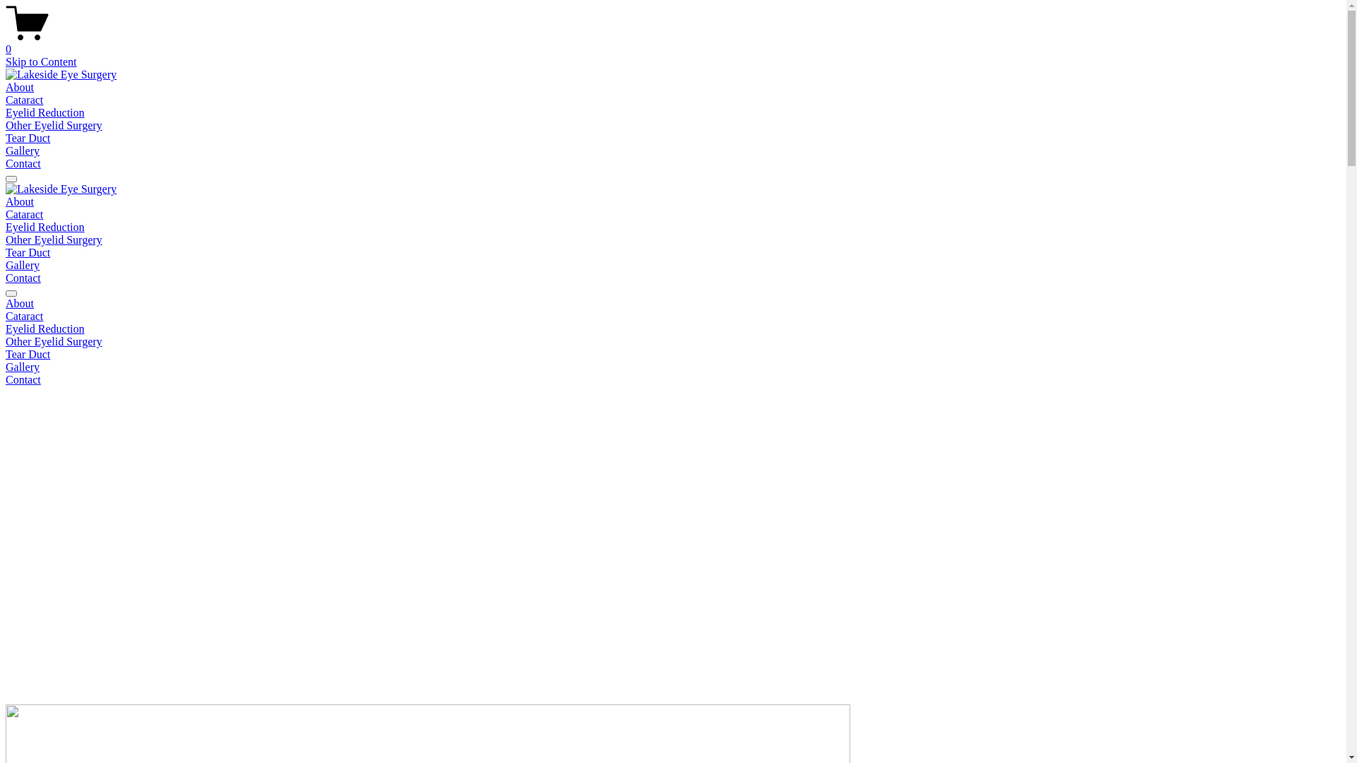  What do you see at coordinates (28, 252) in the screenshot?
I see `'Tear Duct'` at bounding box center [28, 252].